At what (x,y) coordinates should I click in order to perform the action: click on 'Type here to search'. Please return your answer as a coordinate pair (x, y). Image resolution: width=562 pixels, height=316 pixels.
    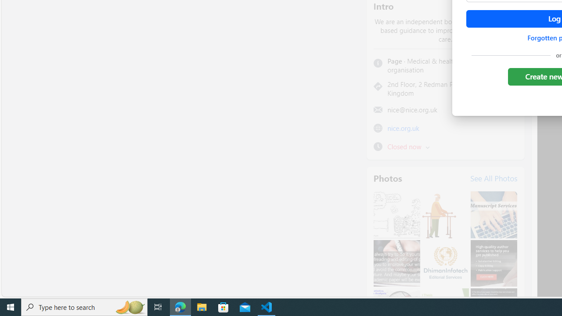
    Looking at the image, I should click on (84, 306).